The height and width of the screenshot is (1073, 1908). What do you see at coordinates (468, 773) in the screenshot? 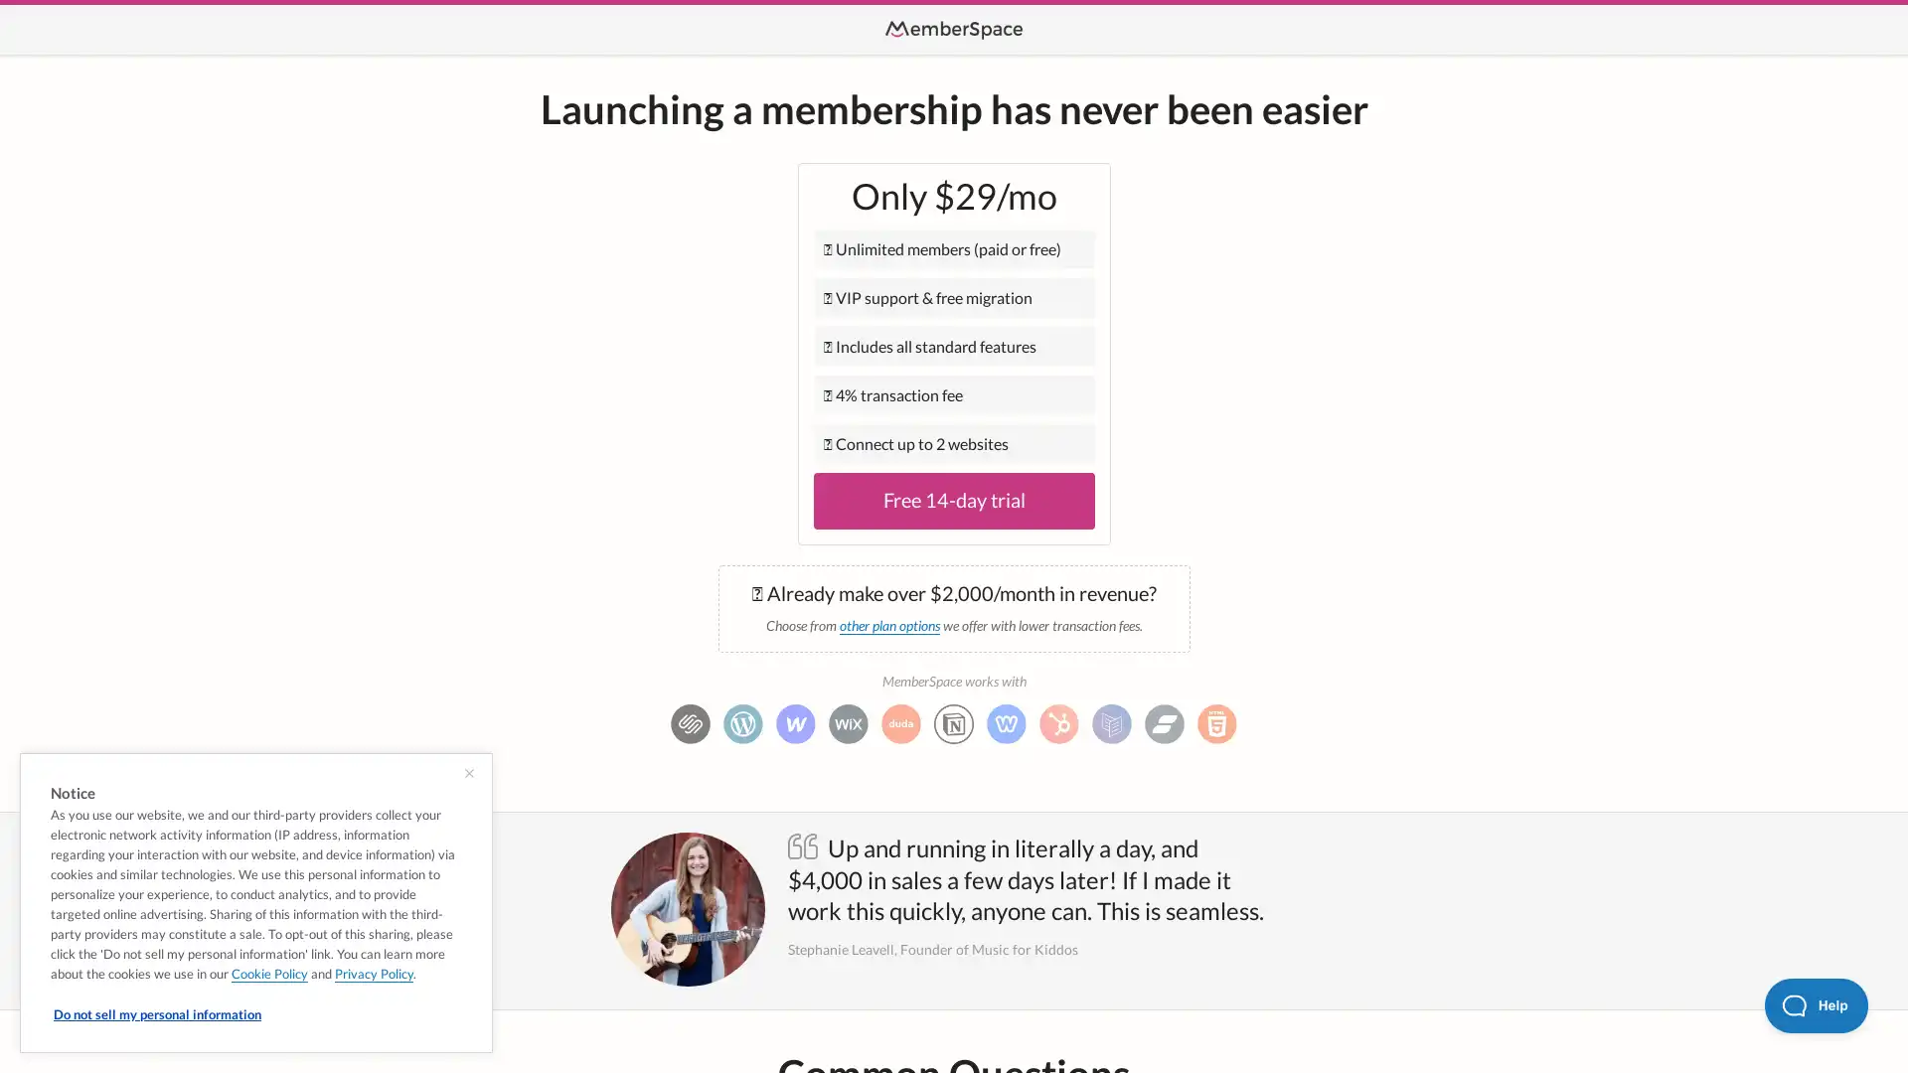
I see `consent-close-icon` at bounding box center [468, 773].